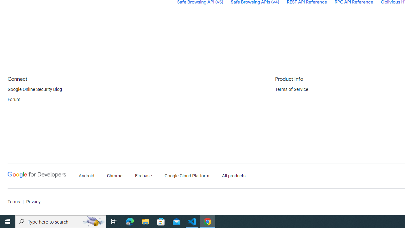 The width and height of the screenshot is (405, 228). Describe the element at coordinates (34, 89) in the screenshot. I see `'Google Online Security Blog'` at that location.